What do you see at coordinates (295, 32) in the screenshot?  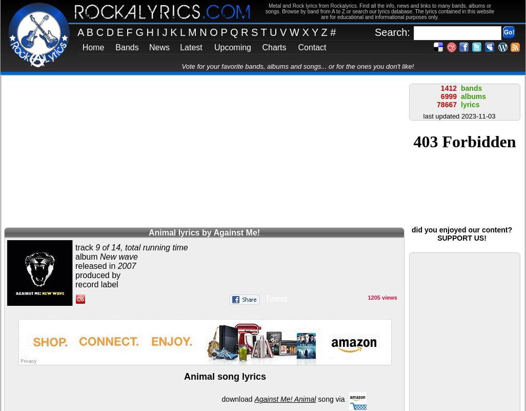 I see `'W'` at bounding box center [295, 32].